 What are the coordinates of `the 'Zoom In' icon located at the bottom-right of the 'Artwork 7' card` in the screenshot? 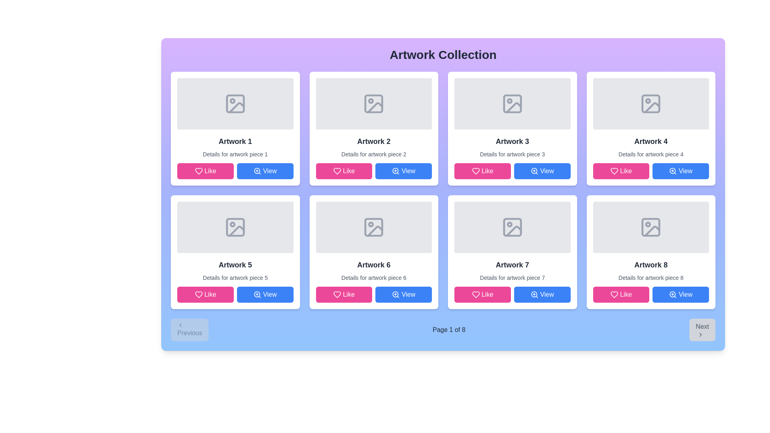 It's located at (534, 294).